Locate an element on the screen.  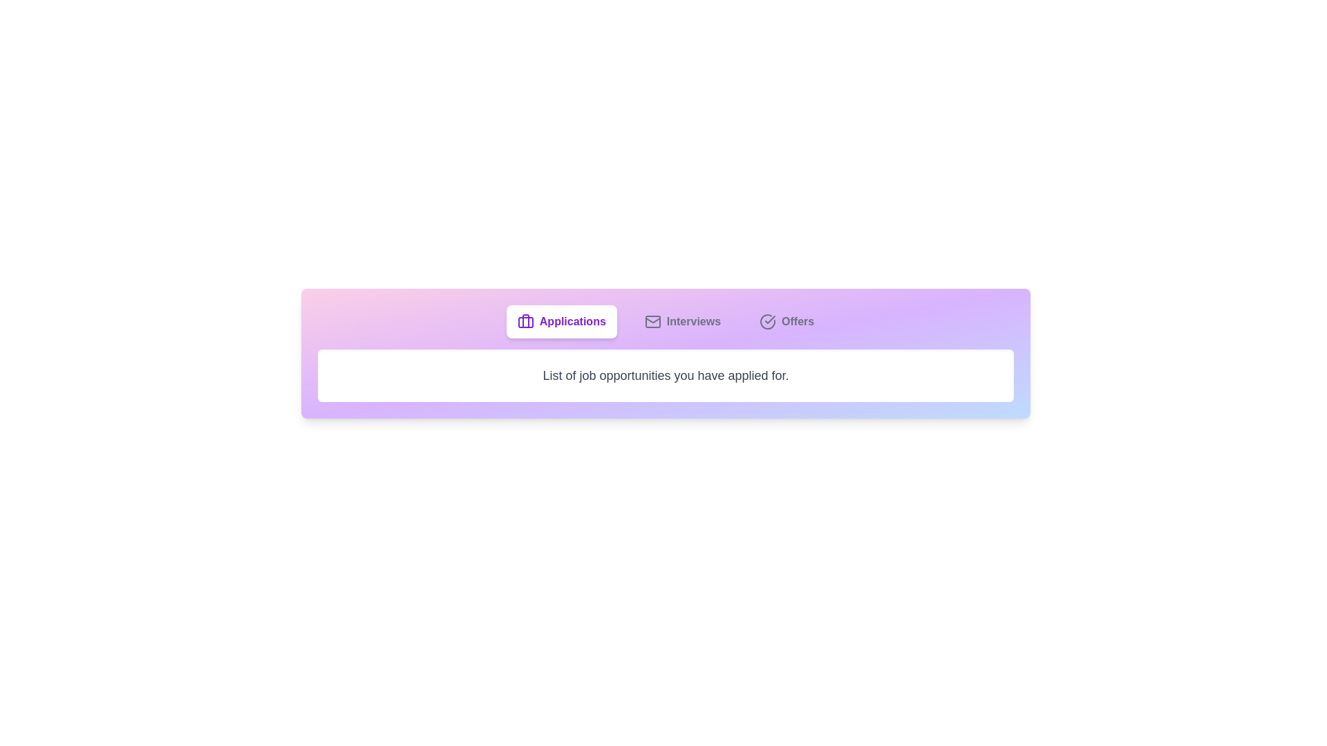
the tab labeled Offers to switch to its content is located at coordinates (786, 322).